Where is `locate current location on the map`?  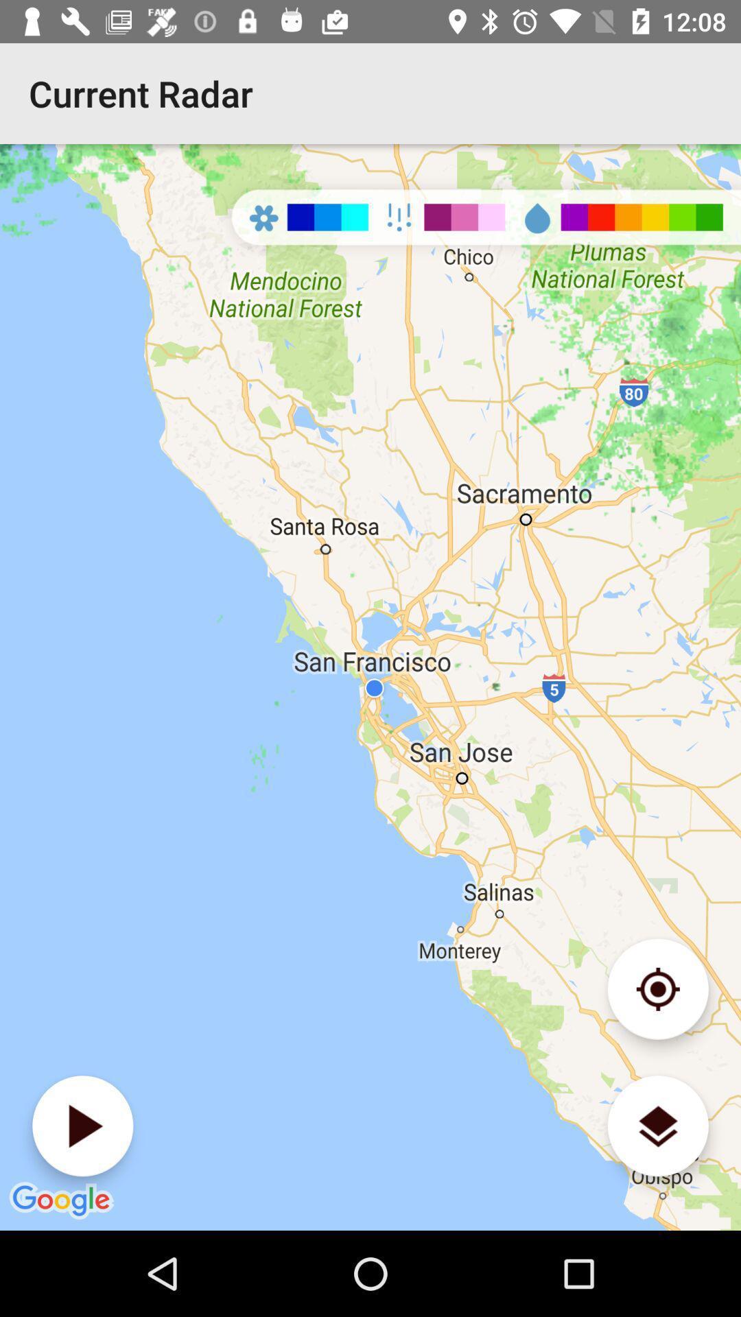 locate current location on the map is located at coordinates (657, 989).